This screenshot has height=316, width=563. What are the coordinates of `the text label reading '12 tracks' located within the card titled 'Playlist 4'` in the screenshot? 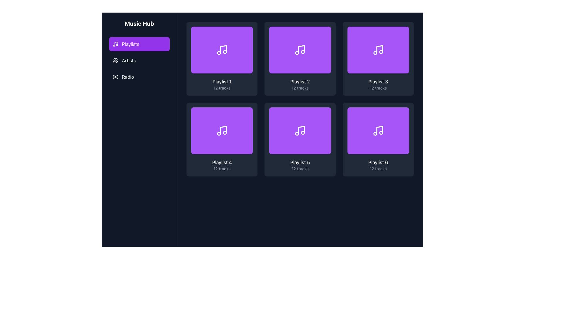 It's located at (222, 169).